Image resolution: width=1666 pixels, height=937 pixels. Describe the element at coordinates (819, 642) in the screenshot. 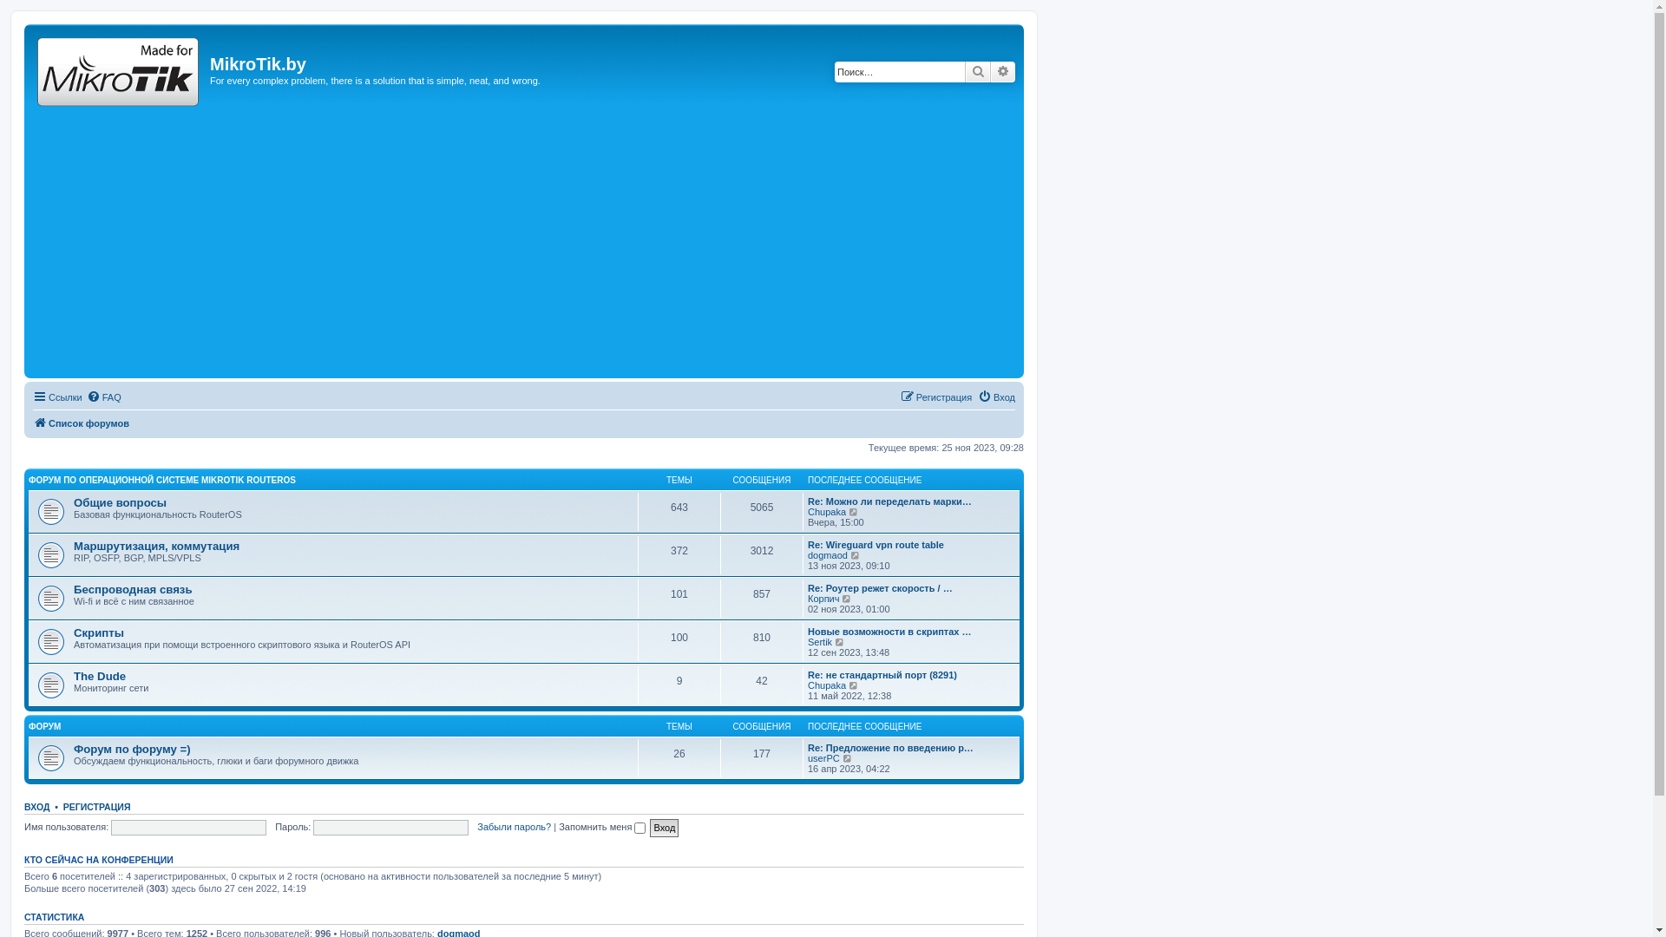

I see `'Sertik'` at that location.